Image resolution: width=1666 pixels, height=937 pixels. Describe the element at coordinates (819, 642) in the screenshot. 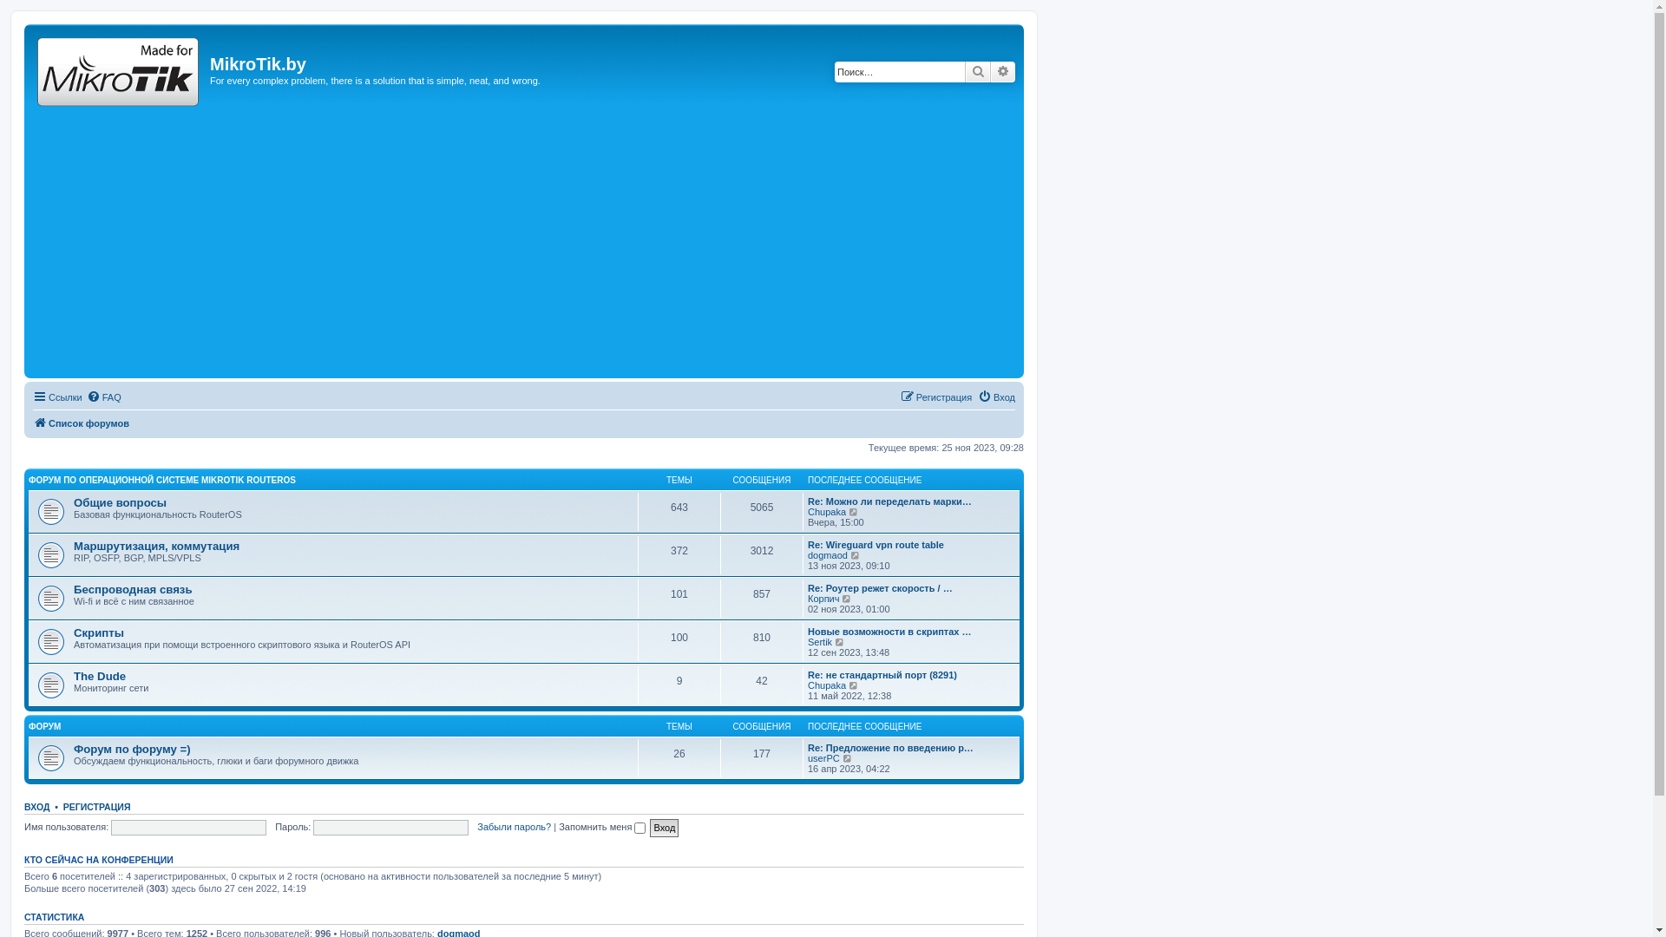

I see `'Sertik'` at that location.